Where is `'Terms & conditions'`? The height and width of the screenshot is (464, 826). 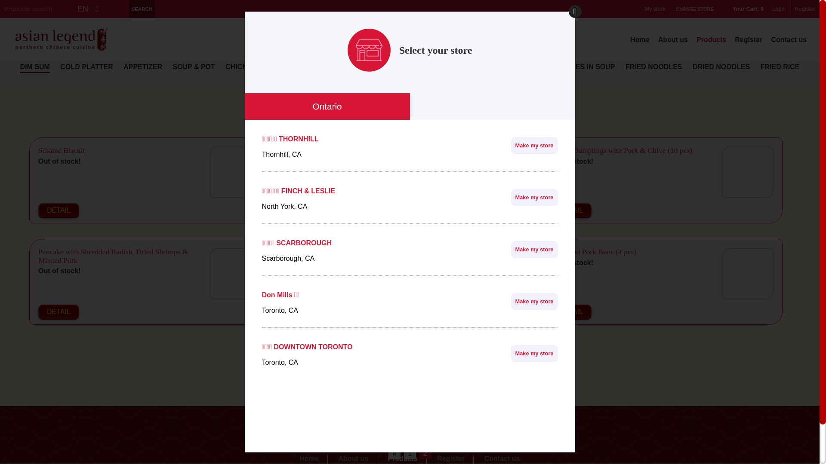 'Terms & conditions' is located at coordinates (409, 435).